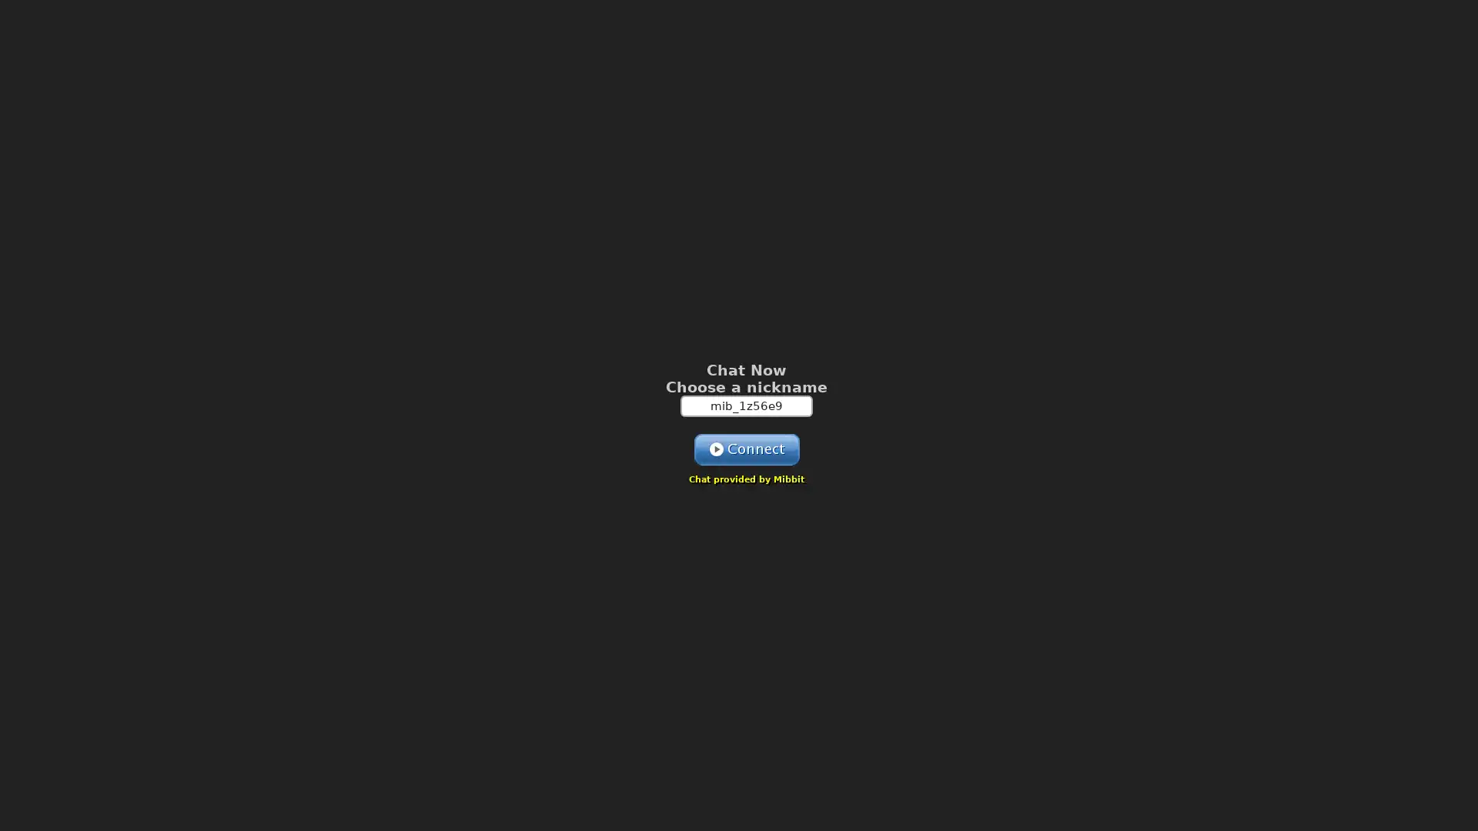  Describe the element at coordinates (746, 449) in the screenshot. I see `Submit` at that location.